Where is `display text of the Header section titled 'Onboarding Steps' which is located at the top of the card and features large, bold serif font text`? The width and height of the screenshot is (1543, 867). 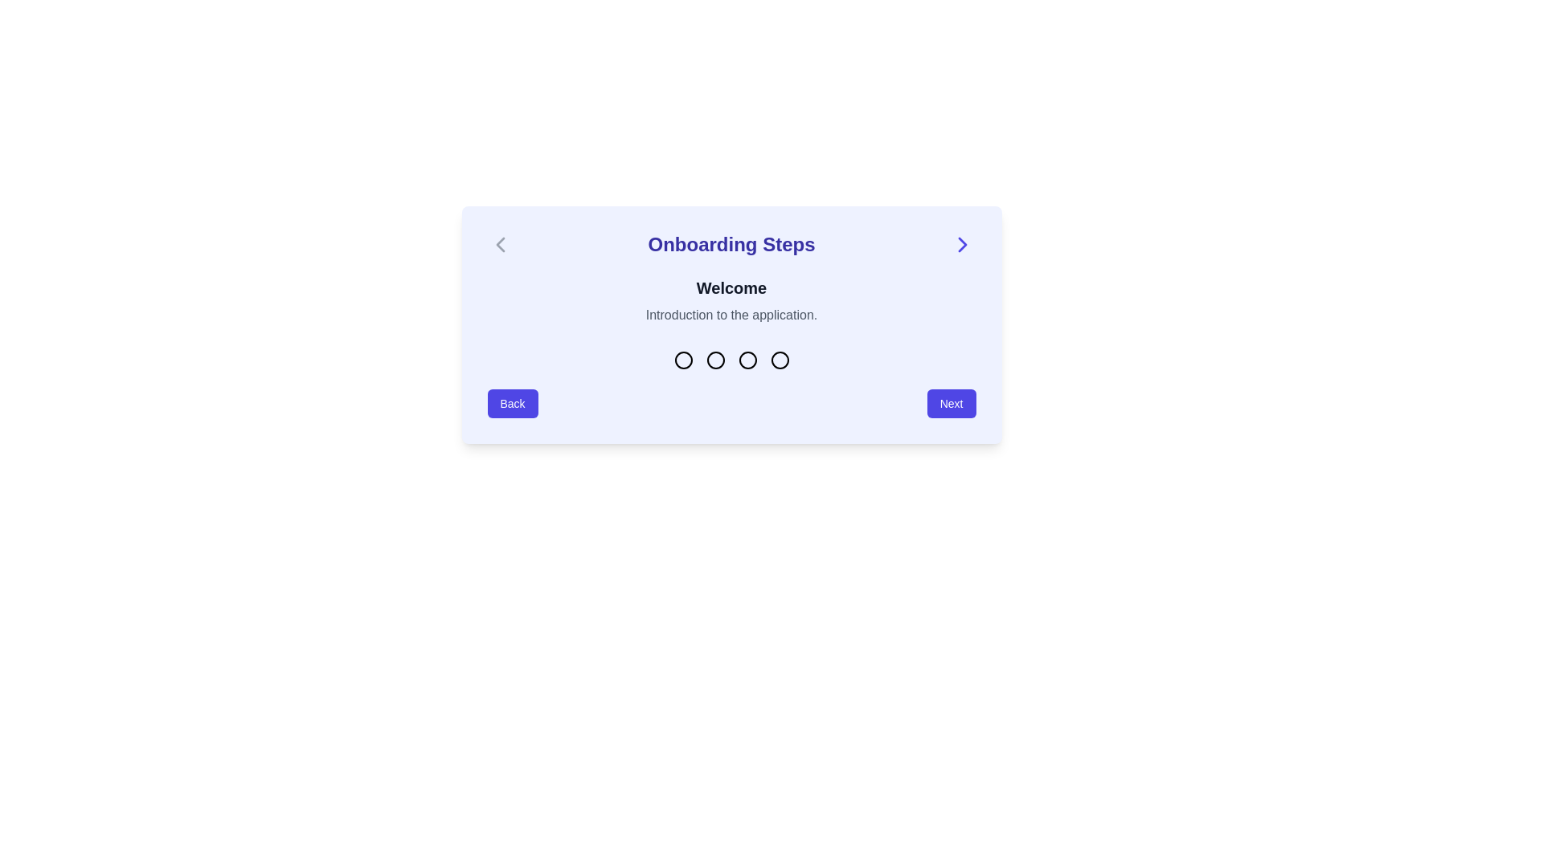
display text of the Header section titled 'Onboarding Steps' which is located at the top of the card and features large, bold serif font text is located at coordinates (731, 244).